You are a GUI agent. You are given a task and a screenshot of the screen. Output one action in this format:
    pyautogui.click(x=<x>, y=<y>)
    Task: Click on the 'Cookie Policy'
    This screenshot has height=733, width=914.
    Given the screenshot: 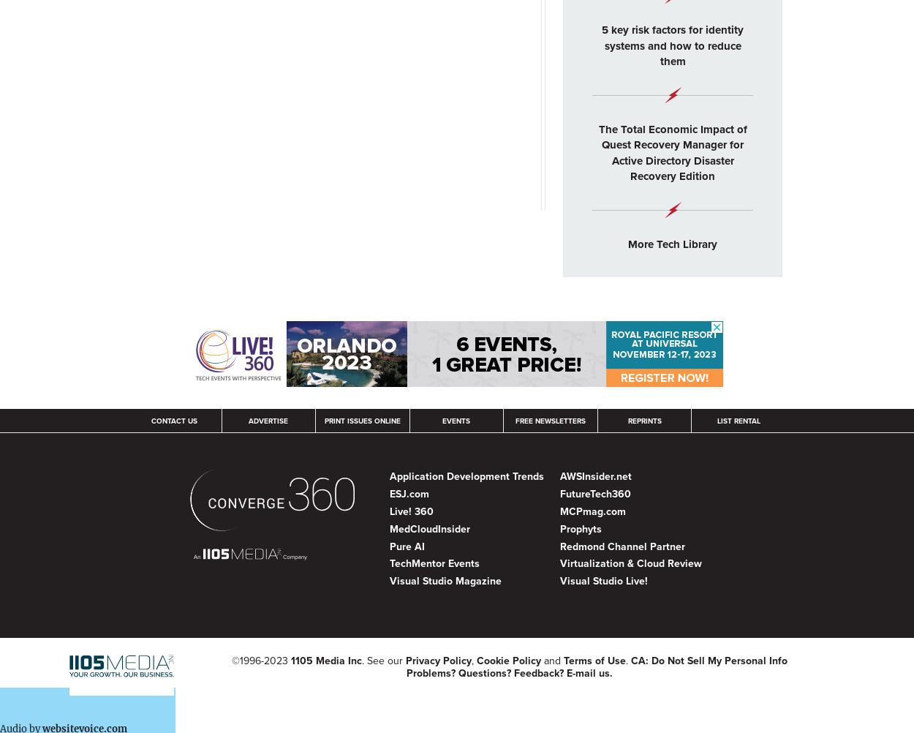 What is the action you would take?
    pyautogui.click(x=507, y=661)
    